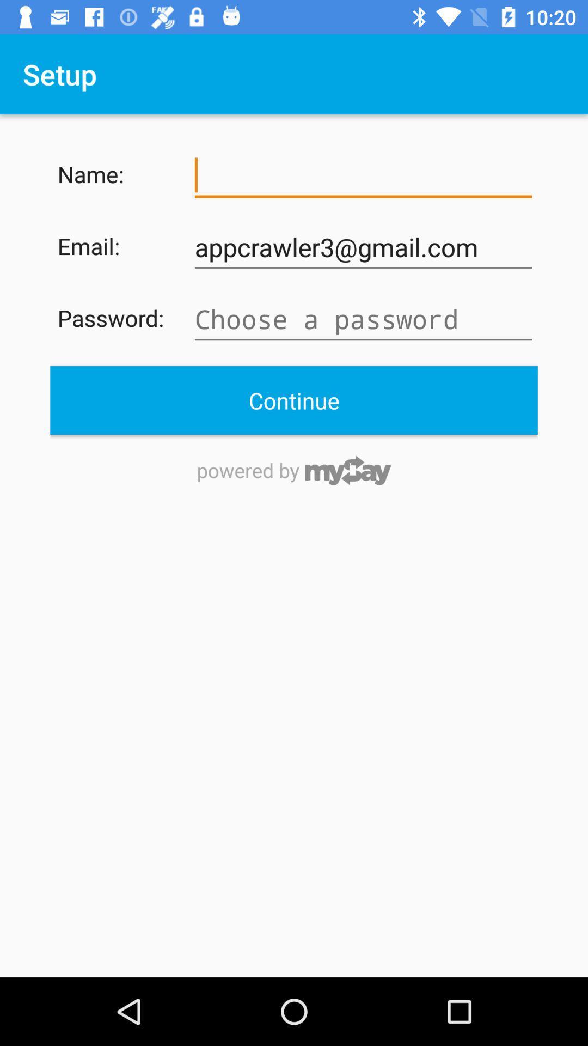  Describe the element at coordinates (363, 319) in the screenshot. I see `the item to the right of password: icon` at that location.